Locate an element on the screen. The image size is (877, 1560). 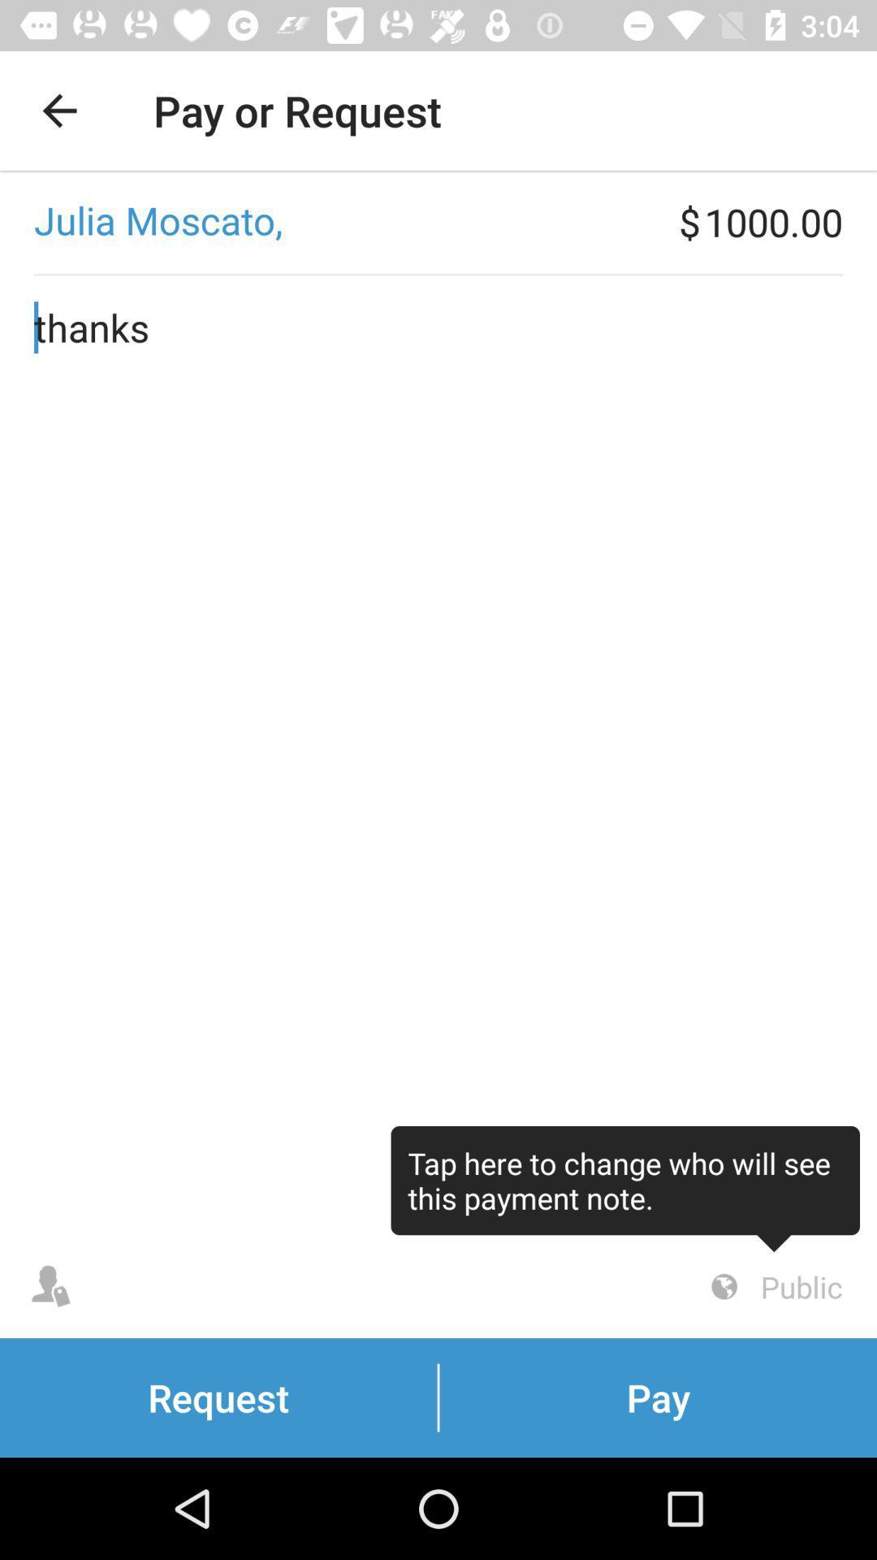
the 1000.00 icon is located at coordinates (789, 221).